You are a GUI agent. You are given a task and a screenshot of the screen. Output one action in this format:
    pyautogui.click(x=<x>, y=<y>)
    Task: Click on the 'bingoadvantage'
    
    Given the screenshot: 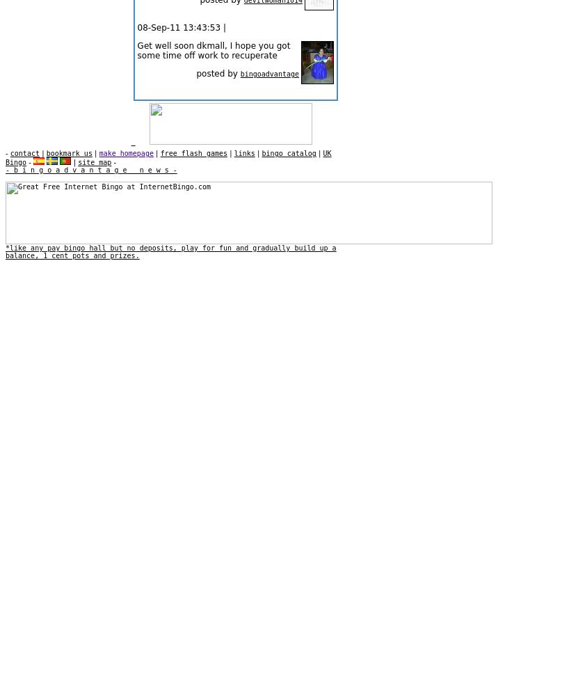 What is the action you would take?
    pyautogui.click(x=268, y=73)
    